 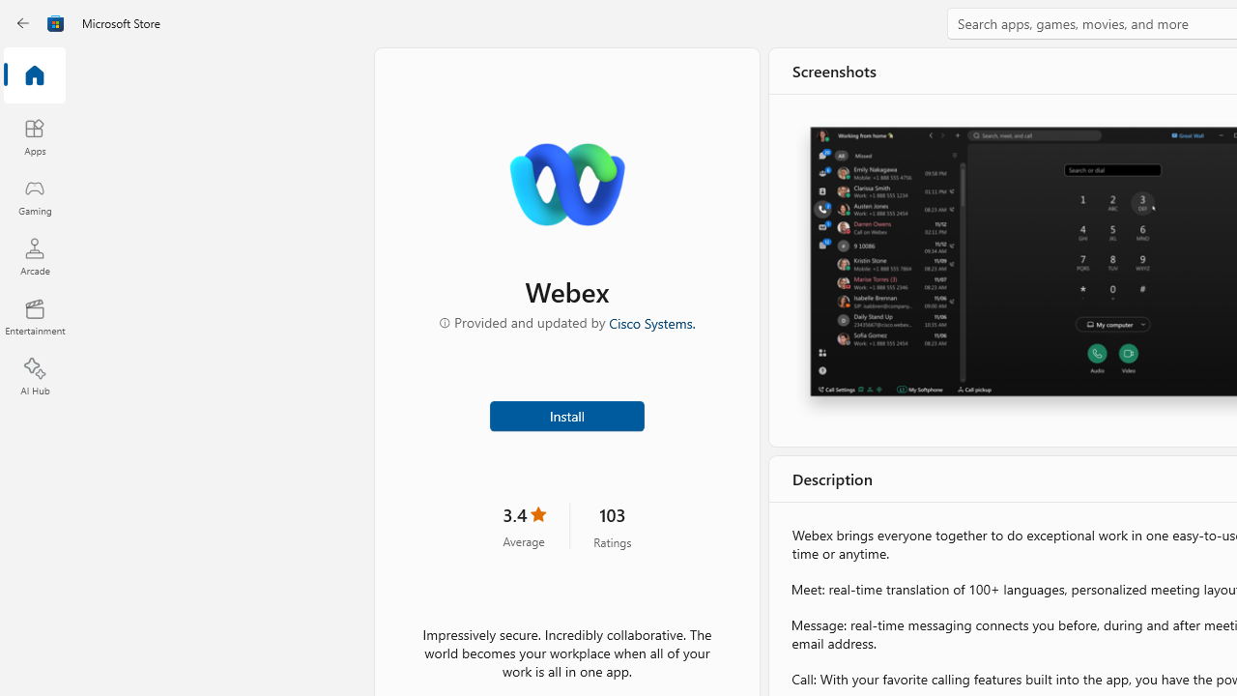 I want to click on 'Class: Image', so click(x=56, y=23).